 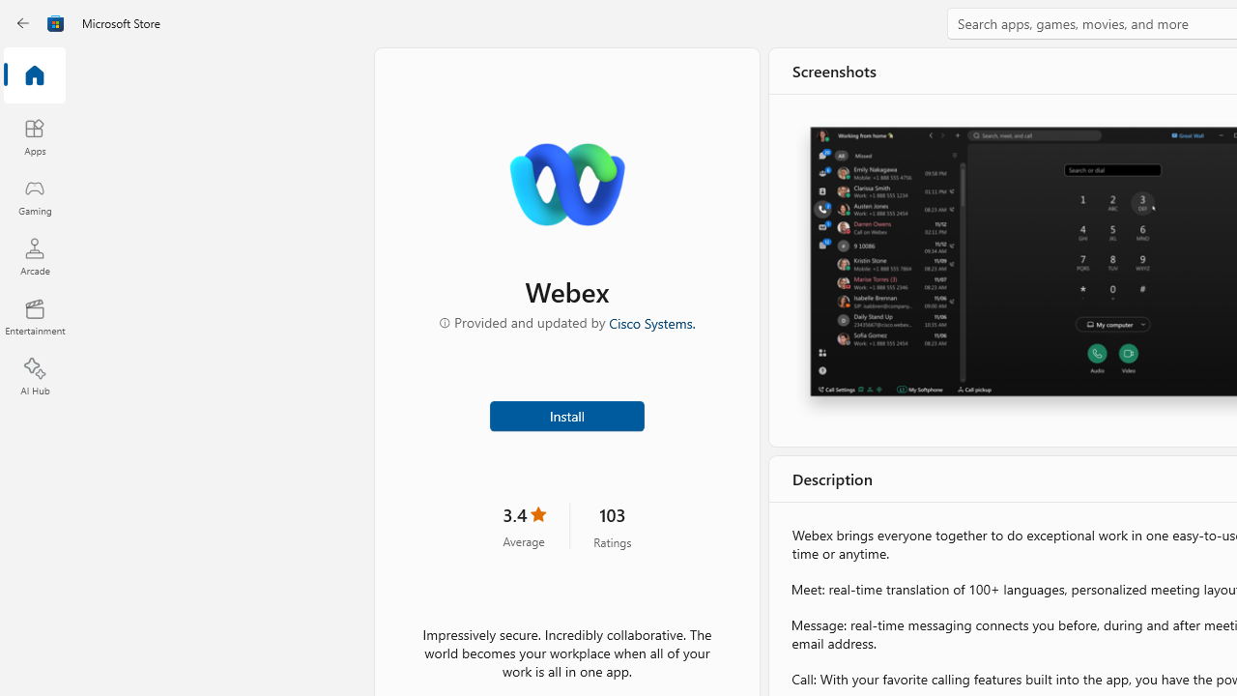 I want to click on 'Class: Image', so click(x=56, y=23).